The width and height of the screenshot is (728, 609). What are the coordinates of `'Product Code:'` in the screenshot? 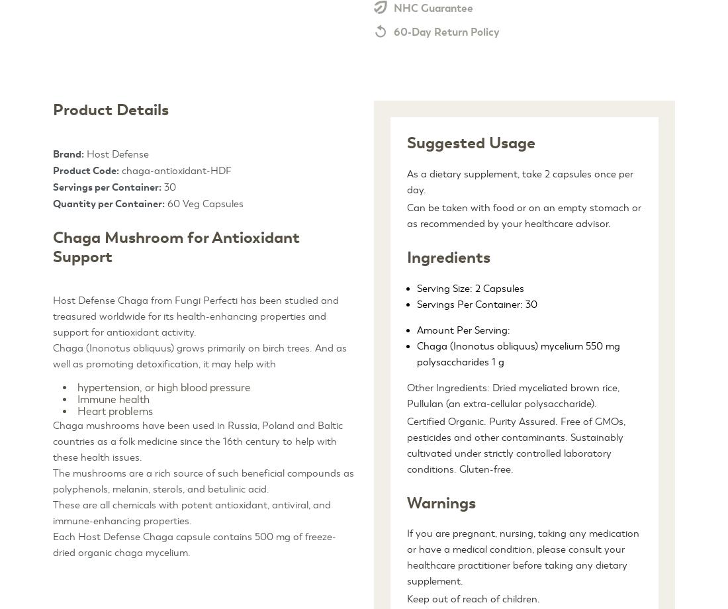 It's located at (86, 170).